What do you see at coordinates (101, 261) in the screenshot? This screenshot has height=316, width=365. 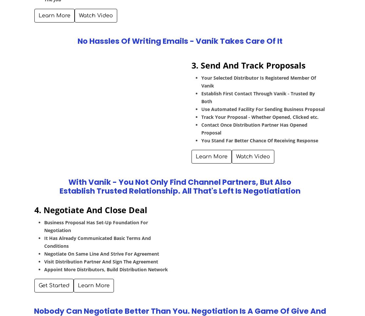 I see `'Visit Distribution Partner And Sign The Agreement'` at bounding box center [101, 261].